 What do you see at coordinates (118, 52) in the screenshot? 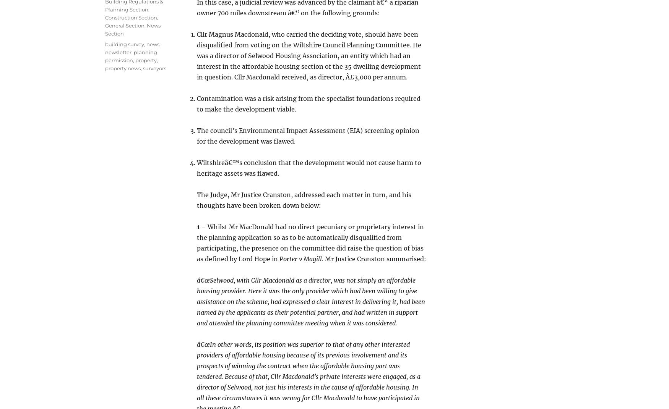
I see `'newsletter'` at bounding box center [118, 52].